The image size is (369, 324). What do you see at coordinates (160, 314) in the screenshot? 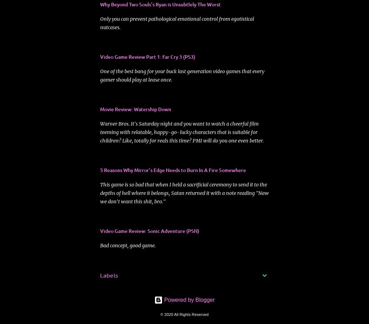
I see `'© 2020 All Rights Reserved'` at bounding box center [160, 314].